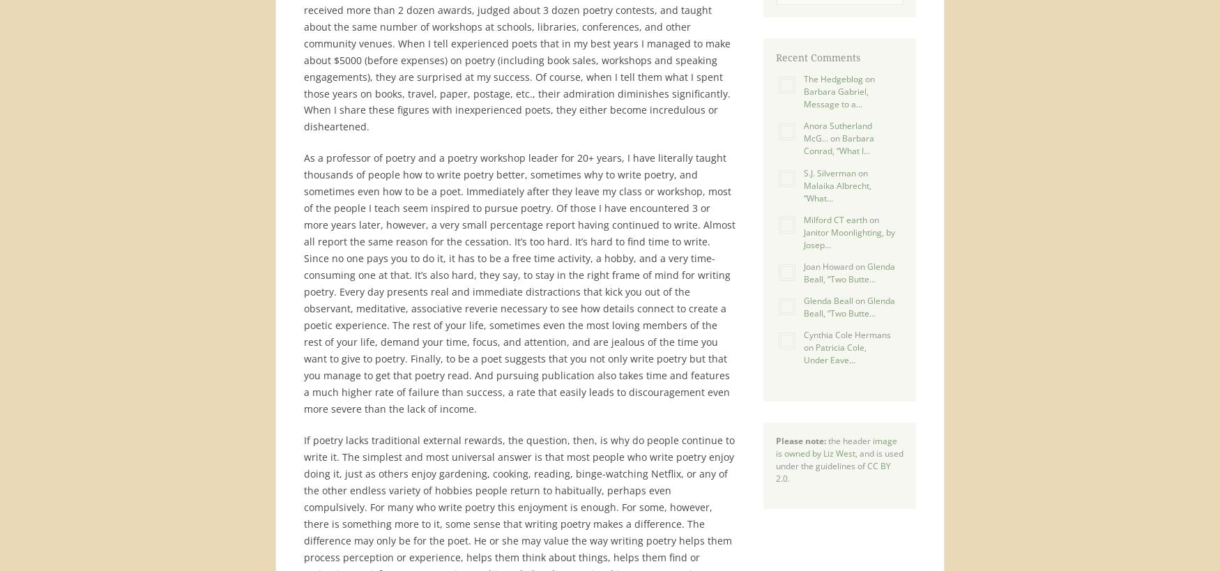 This screenshot has width=1220, height=571. What do you see at coordinates (803, 238) in the screenshot?
I see `'Janitor Moonlighting, by Josep…'` at bounding box center [803, 238].